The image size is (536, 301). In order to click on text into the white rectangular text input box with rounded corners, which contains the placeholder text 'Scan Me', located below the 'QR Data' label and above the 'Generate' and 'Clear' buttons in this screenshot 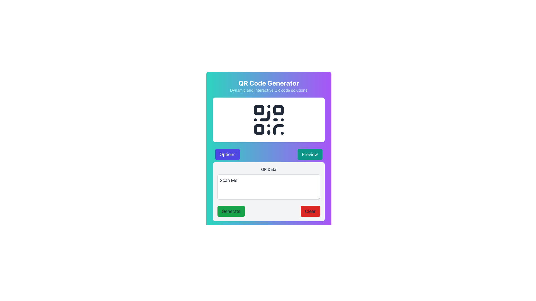, I will do `click(269, 185)`.